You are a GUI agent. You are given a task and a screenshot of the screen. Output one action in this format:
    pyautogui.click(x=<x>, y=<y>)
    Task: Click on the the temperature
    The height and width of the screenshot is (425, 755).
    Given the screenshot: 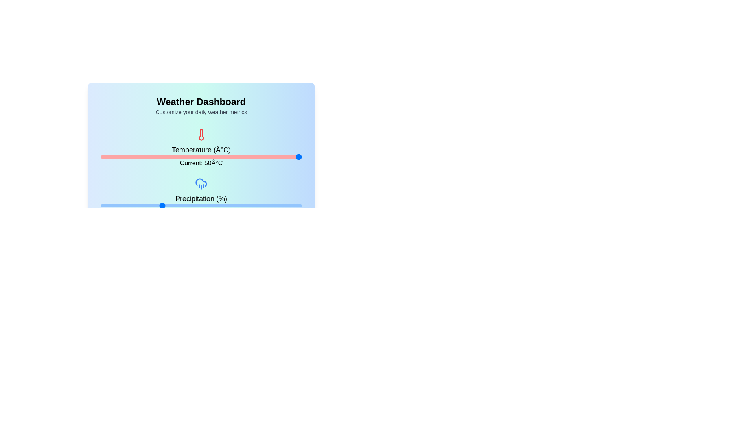 What is the action you would take?
    pyautogui.click(x=160, y=157)
    